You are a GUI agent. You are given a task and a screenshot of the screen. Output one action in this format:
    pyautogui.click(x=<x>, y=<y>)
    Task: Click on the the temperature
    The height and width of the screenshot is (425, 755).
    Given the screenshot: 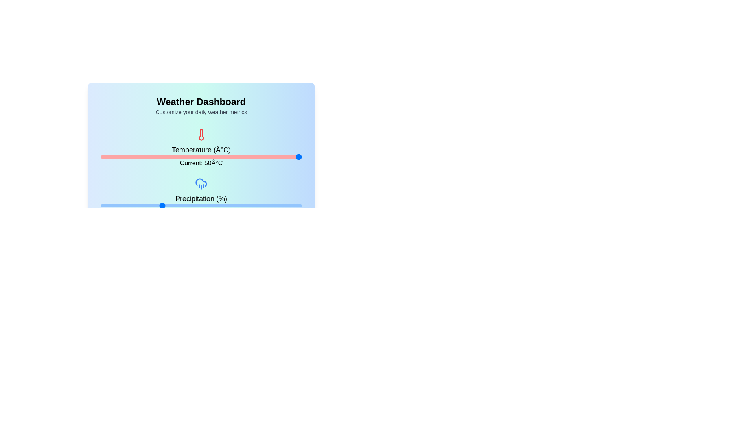 What is the action you would take?
    pyautogui.click(x=160, y=157)
    